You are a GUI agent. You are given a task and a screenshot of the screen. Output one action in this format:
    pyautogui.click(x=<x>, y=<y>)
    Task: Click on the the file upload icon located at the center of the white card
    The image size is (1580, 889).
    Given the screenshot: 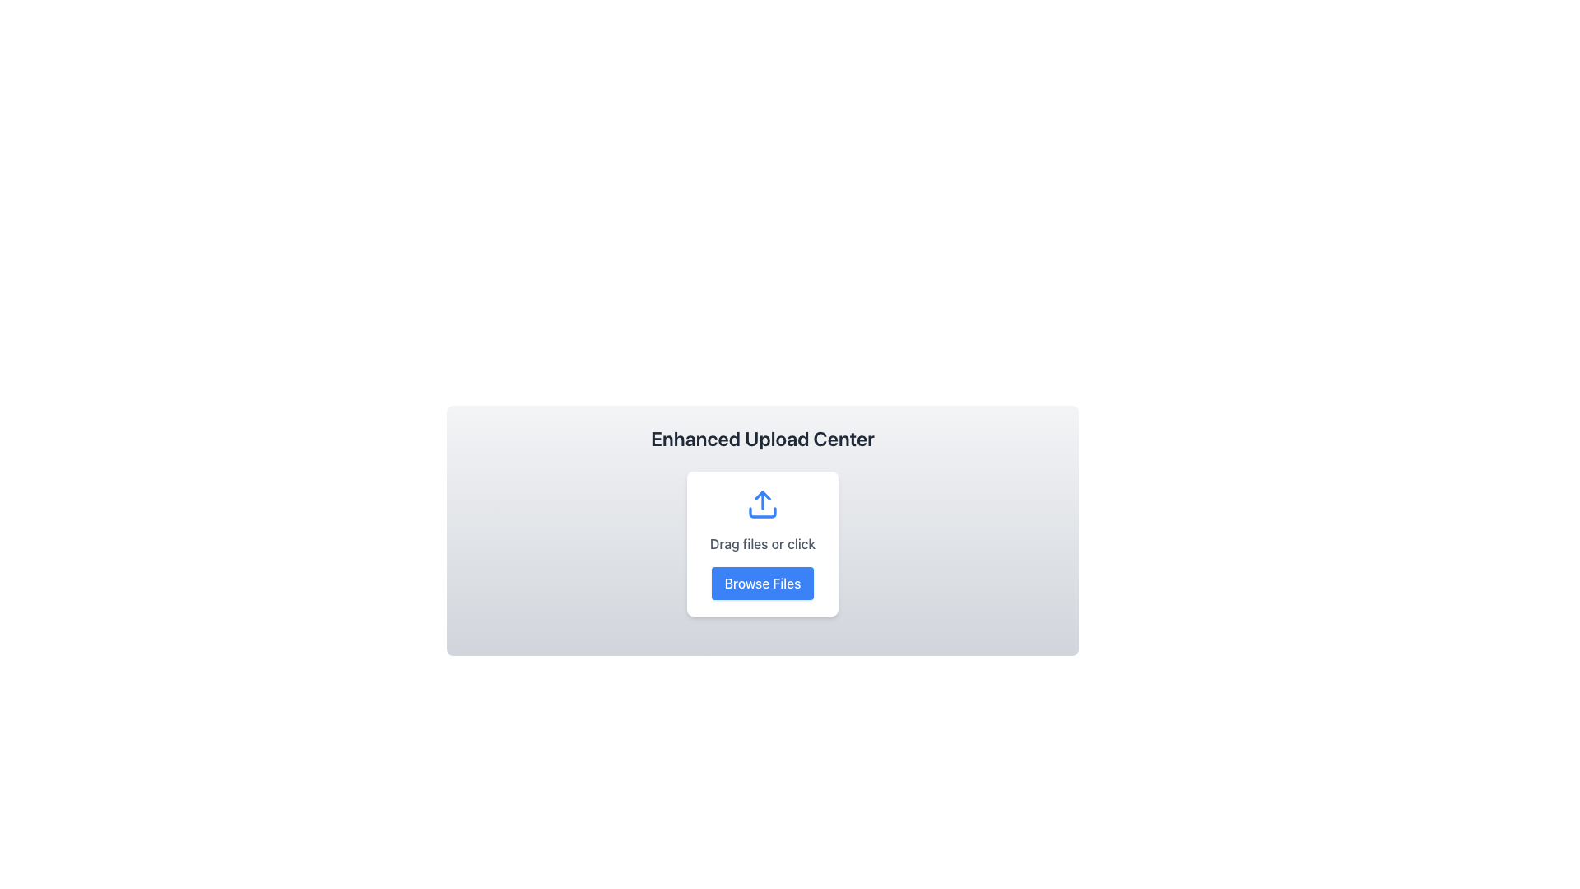 What is the action you would take?
    pyautogui.click(x=761, y=504)
    